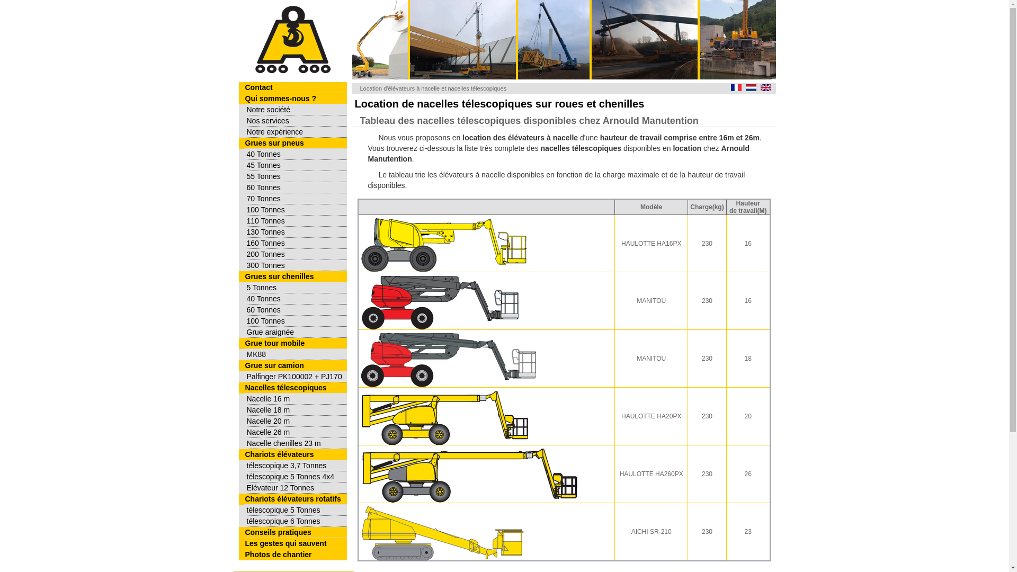 The image size is (1017, 572). I want to click on 'Qui sommes-nous ?', so click(295, 99).